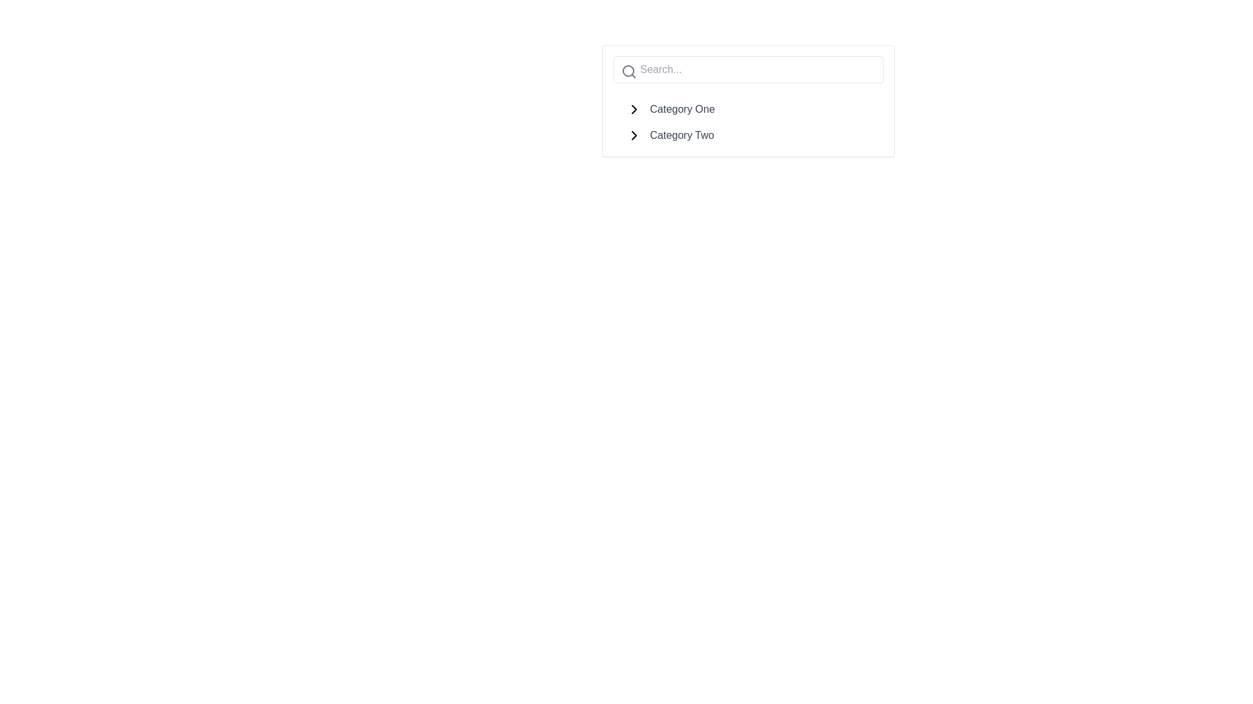 The width and height of the screenshot is (1253, 704). What do you see at coordinates (634, 136) in the screenshot?
I see `the expand icon located to the left of the text 'Category Two' in the second list item` at bounding box center [634, 136].